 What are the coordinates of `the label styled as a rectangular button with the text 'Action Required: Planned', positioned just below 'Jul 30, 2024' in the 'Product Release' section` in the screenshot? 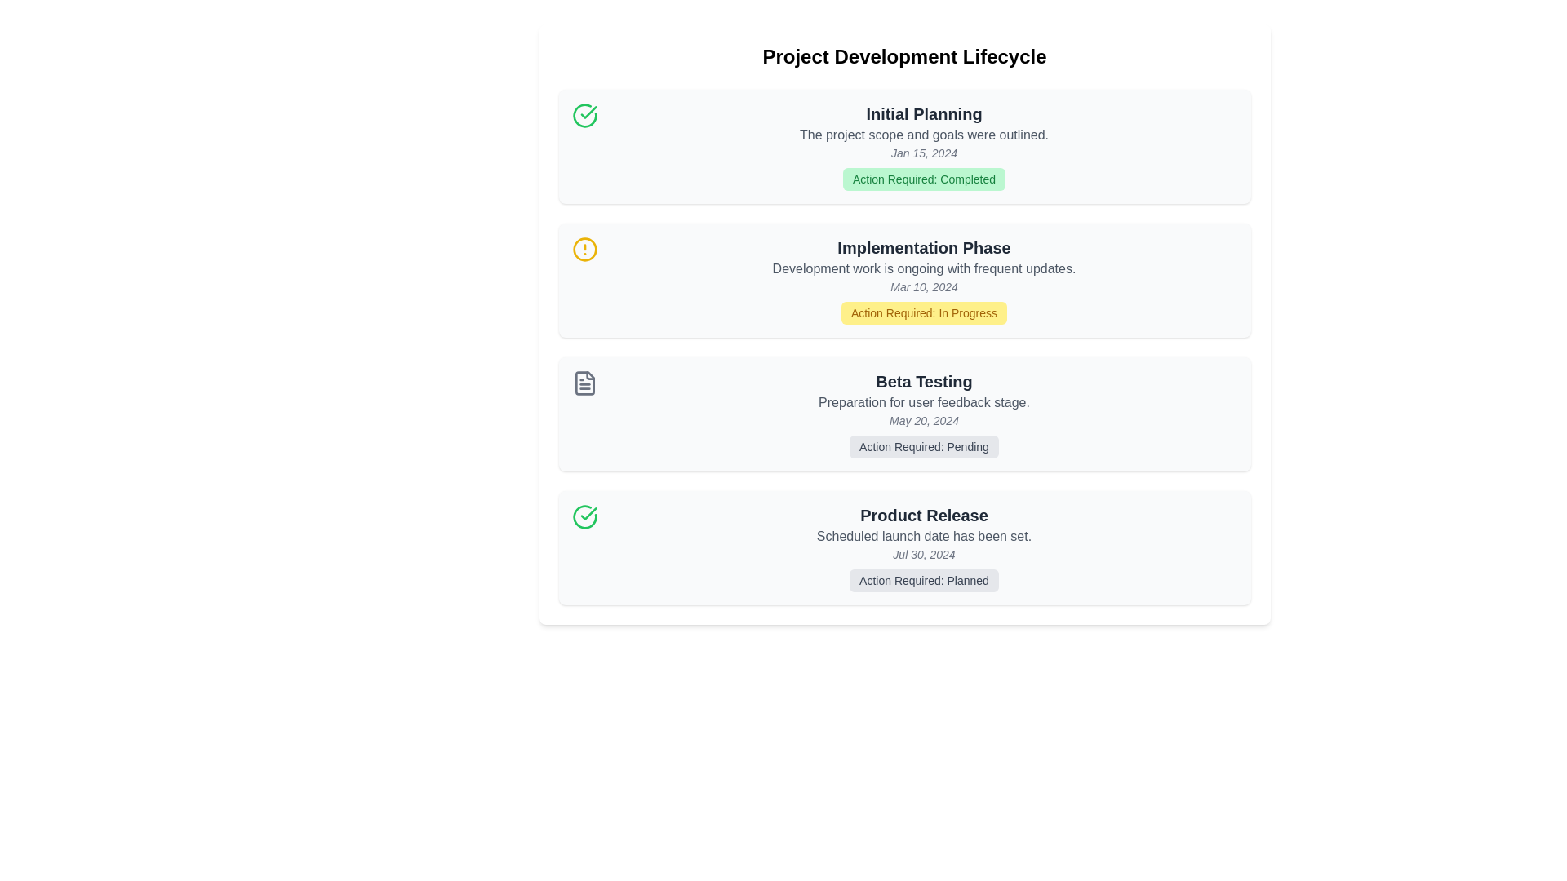 It's located at (924, 580).